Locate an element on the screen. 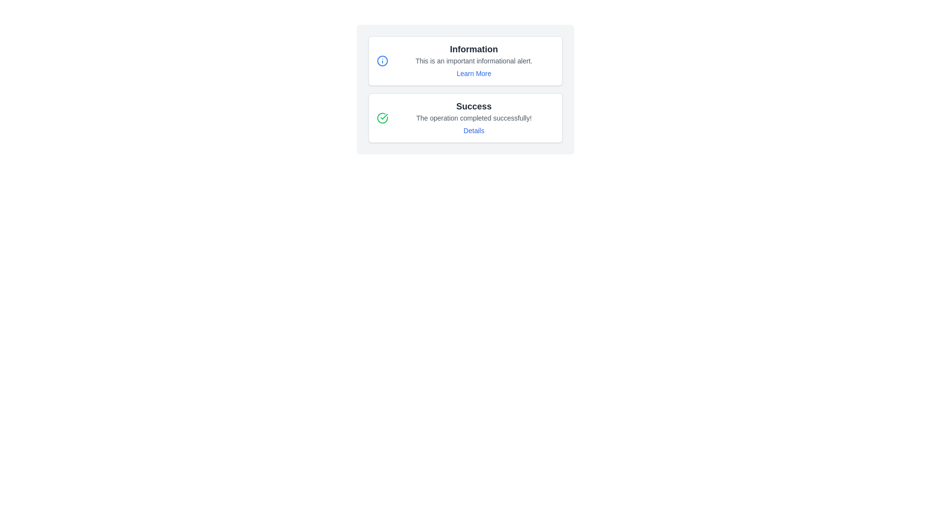 The image size is (931, 523). SVG icon resembling a circle with a check mark inside, located in the 'Success' card before the text 'The operation completed successfully!' is located at coordinates (382, 117).